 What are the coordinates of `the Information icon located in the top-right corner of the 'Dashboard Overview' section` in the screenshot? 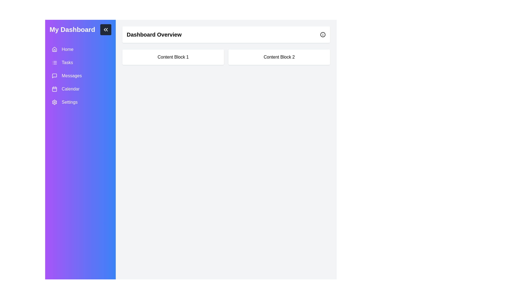 It's located at (323, 35).